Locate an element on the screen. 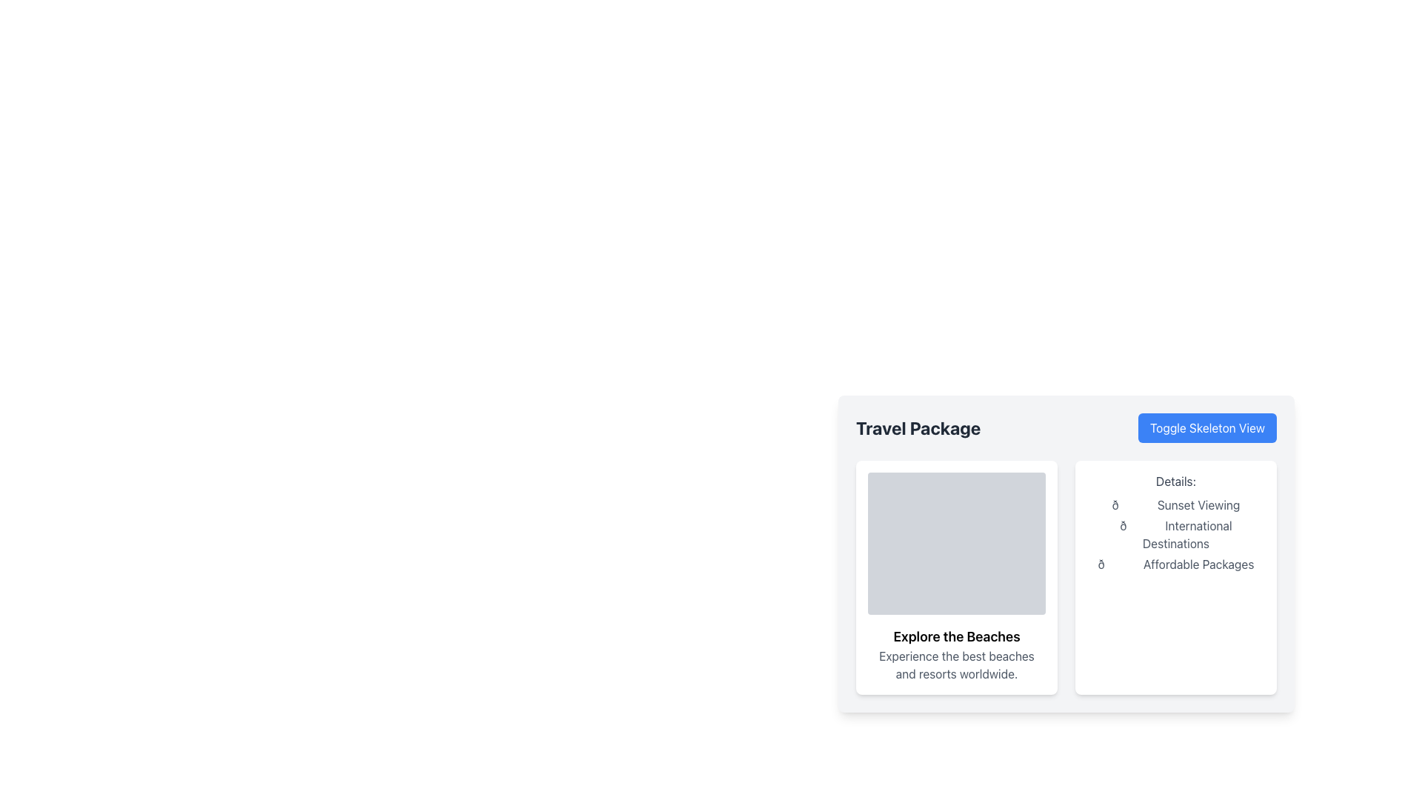 The image size is (1422, 800). the textual label reading 'ð🌍 International Destinations', which is styled in gray and is the second item in a vertically aligned list of items is located at coordinates (1175, 534).